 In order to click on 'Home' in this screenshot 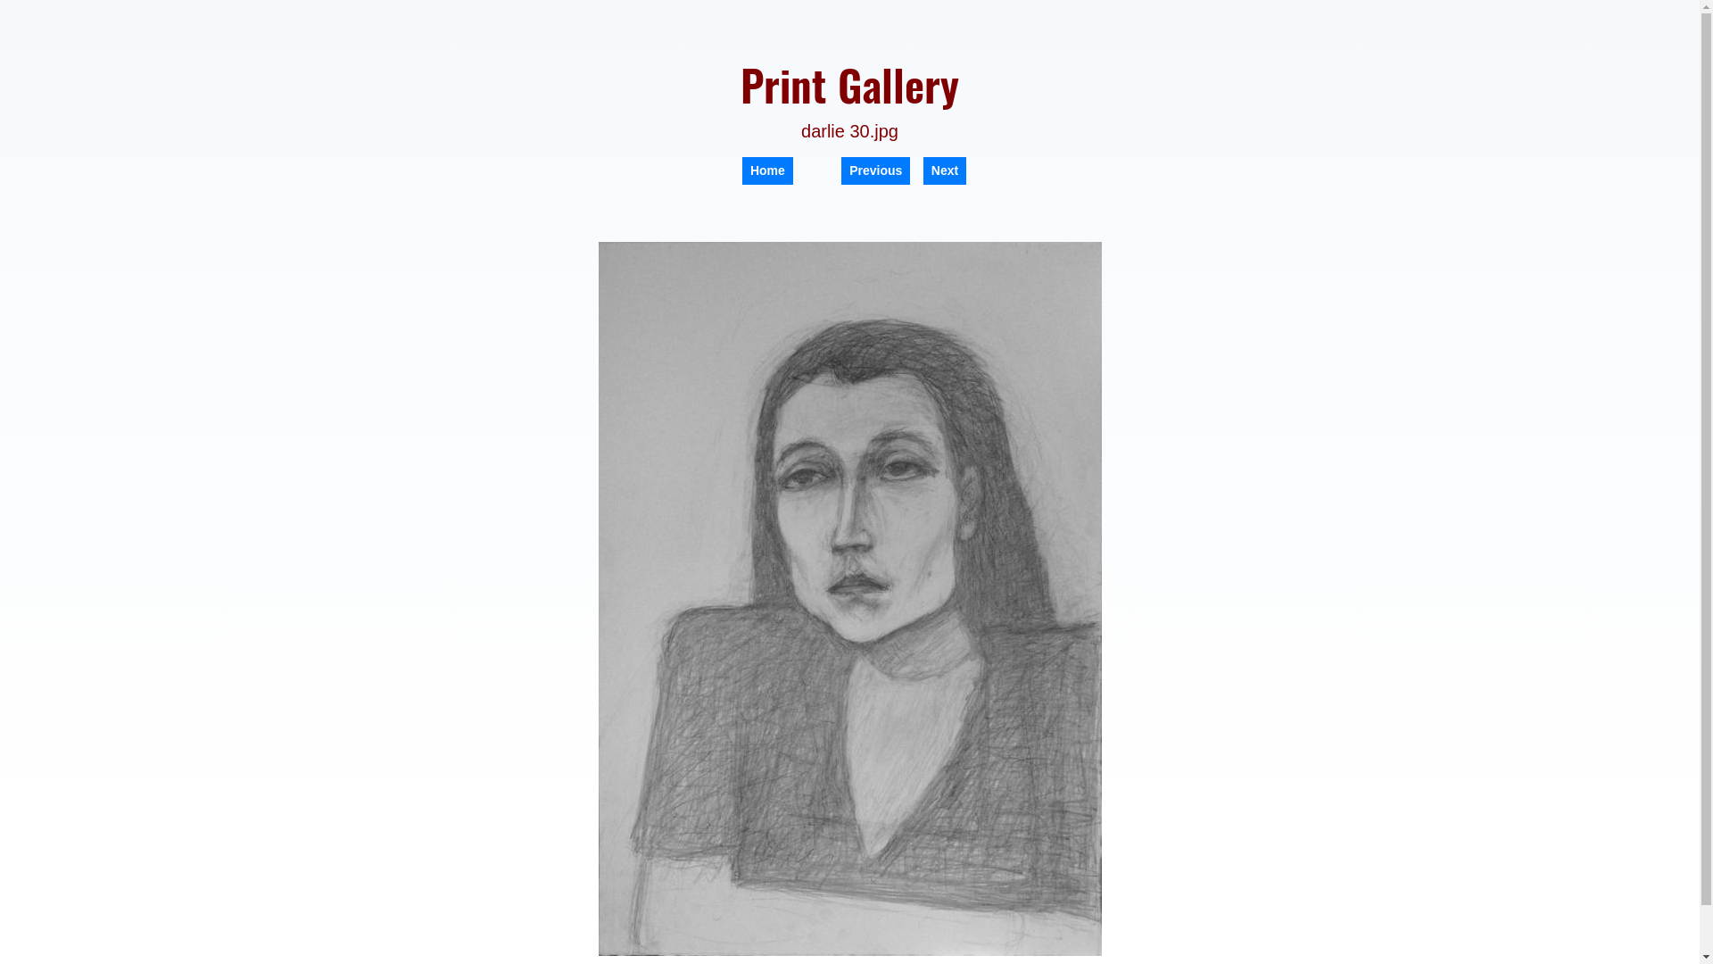, I will do `click(767, 170)`.